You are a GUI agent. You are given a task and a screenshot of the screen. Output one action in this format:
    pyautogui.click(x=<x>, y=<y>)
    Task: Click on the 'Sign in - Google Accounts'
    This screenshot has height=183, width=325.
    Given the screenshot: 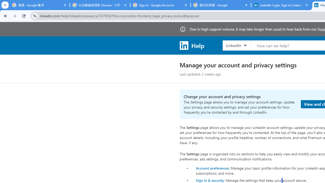 What is the action you would take?
    pyautogui.click(x=160, y=5)
    